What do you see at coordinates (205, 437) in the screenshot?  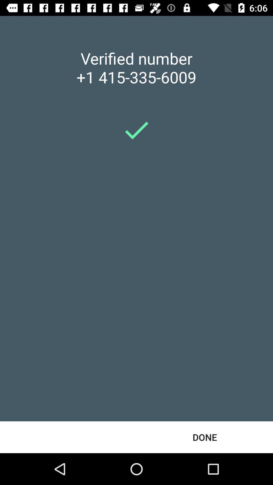 I see `the done item` at bounding box center [205, 437].